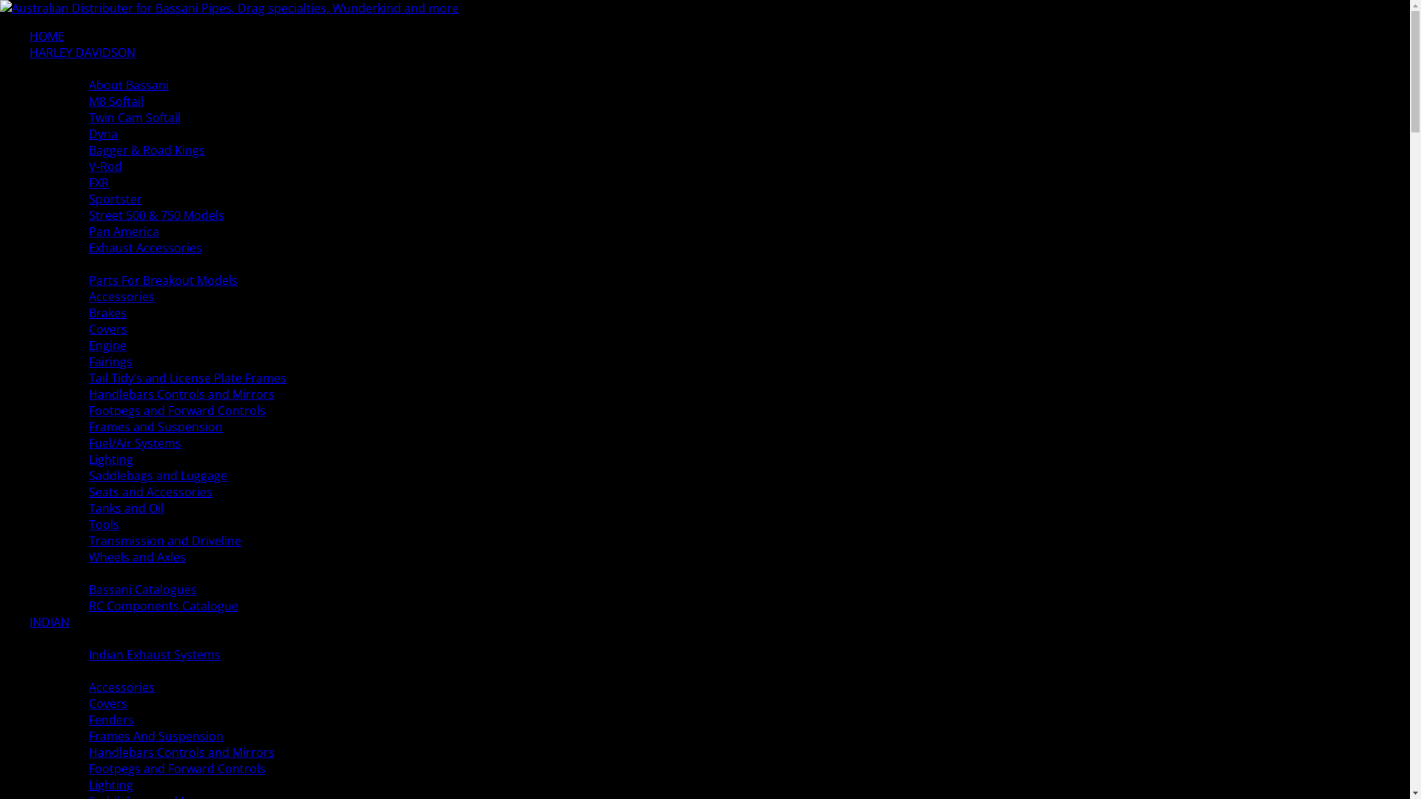 This screenshot has width=1421, height=799. What do you see at coordinates (135, 442) in the screenshot?
I see `'Fuel/Air Systems'` at bounding box center [135, 442].